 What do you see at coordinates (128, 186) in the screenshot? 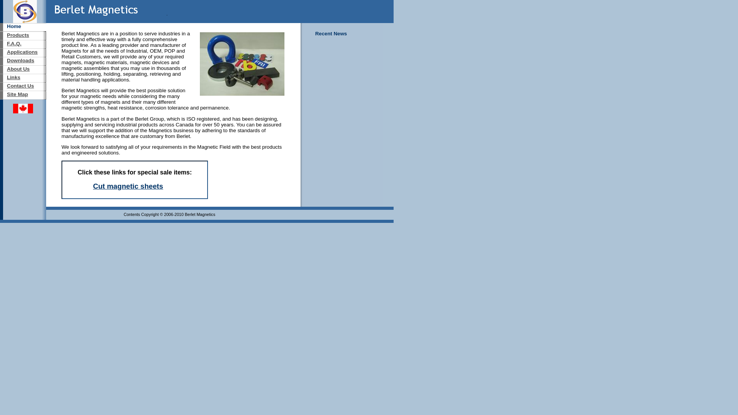
I see `'Cut magnetic sheets'` at bounding box center [128, 186].